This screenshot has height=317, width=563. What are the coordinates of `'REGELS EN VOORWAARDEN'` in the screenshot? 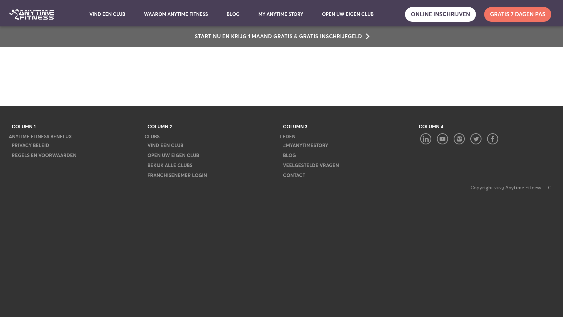 It's located at (44, 155).